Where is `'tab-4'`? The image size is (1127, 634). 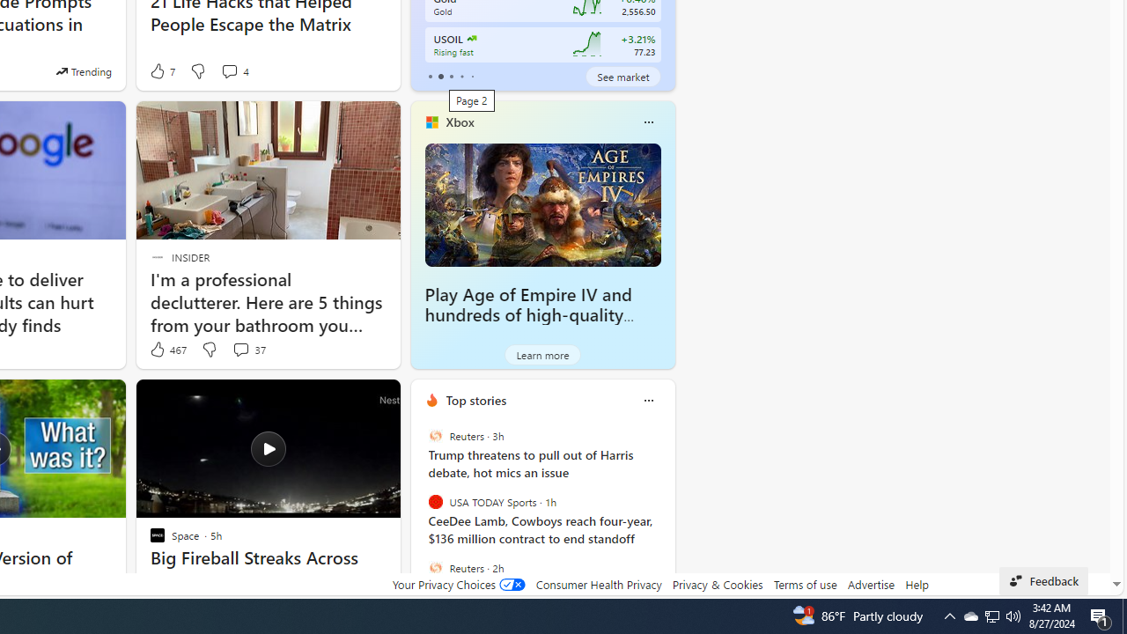 'tab-4' is located at coordinates (472, 76).